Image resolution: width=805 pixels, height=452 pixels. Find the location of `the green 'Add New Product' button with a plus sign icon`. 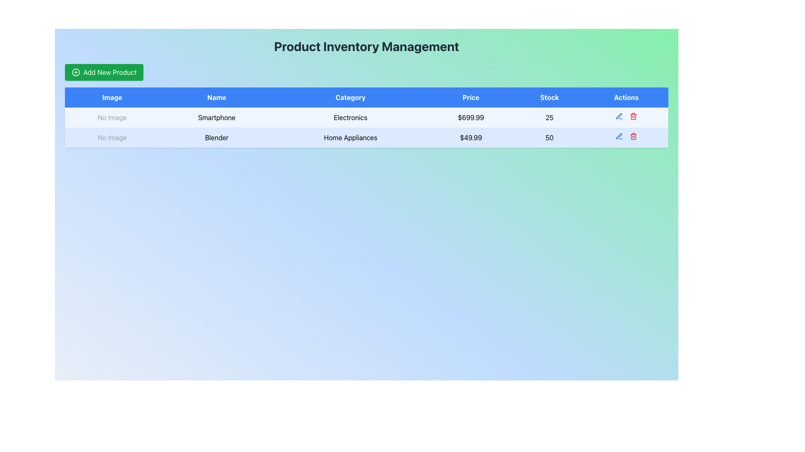

the green 'Add New Product' button with a plus sign icon is located at coordinates (104, 72).